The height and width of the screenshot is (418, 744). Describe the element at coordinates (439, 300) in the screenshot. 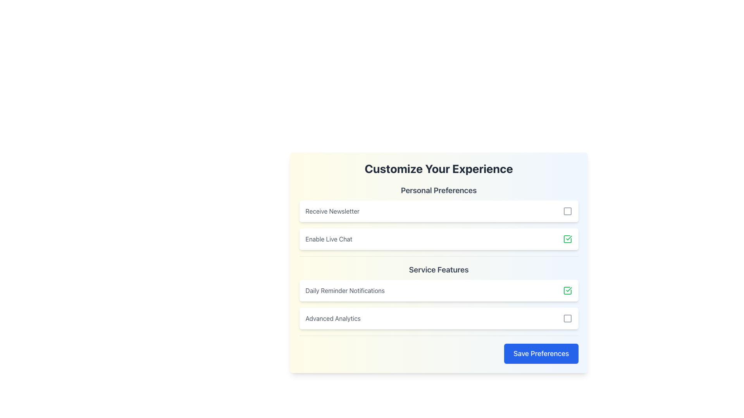

I see `text under the 'Service Features' section, which includes 'Daily Reminder Notifications' and 'Advanced Analytics'` at that location.